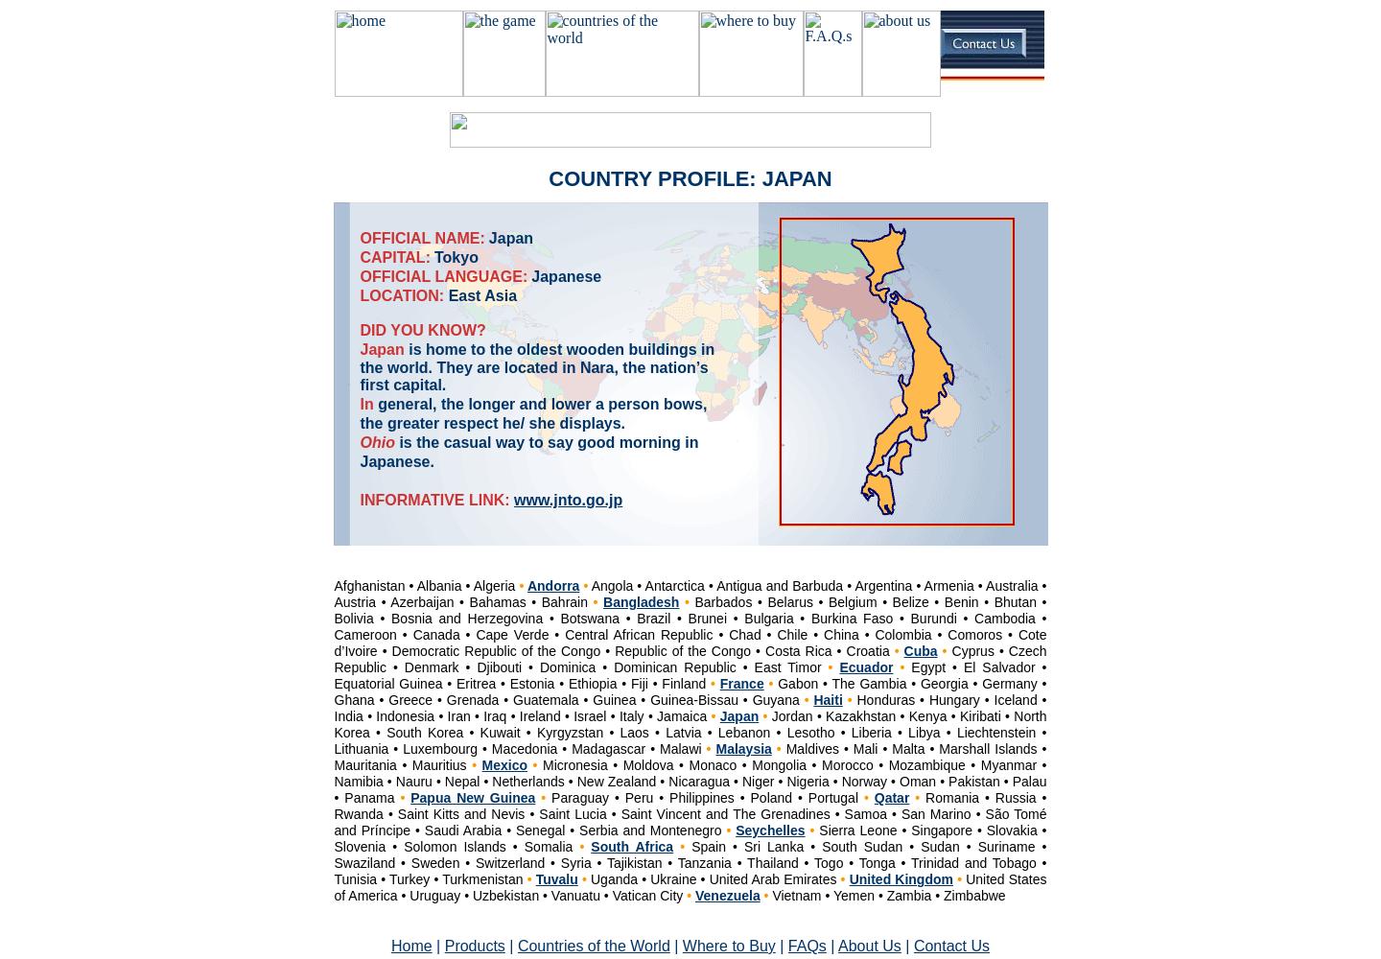 This screenshot has width=1381, height=959. What do you see at coordinates (690, 659) in the screenshot?
I see `'Cyprus • Czech
      Republic • Denmark • Djibouti • Dominica • Dominican
      Republic • East Timor'` at bounding box center [690, 659].